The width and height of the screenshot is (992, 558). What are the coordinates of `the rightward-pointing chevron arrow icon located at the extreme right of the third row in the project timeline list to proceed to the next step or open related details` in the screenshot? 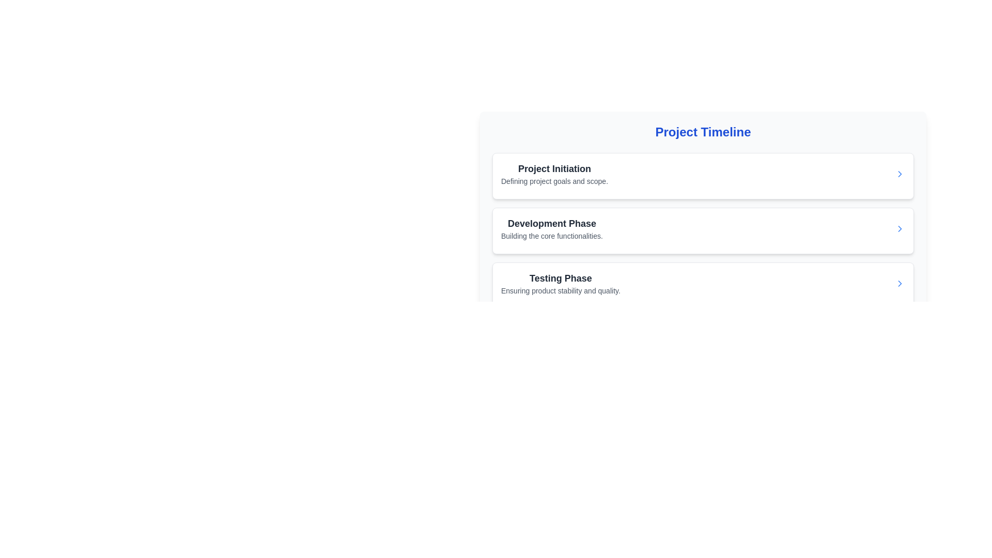 It's located at (900, 283).